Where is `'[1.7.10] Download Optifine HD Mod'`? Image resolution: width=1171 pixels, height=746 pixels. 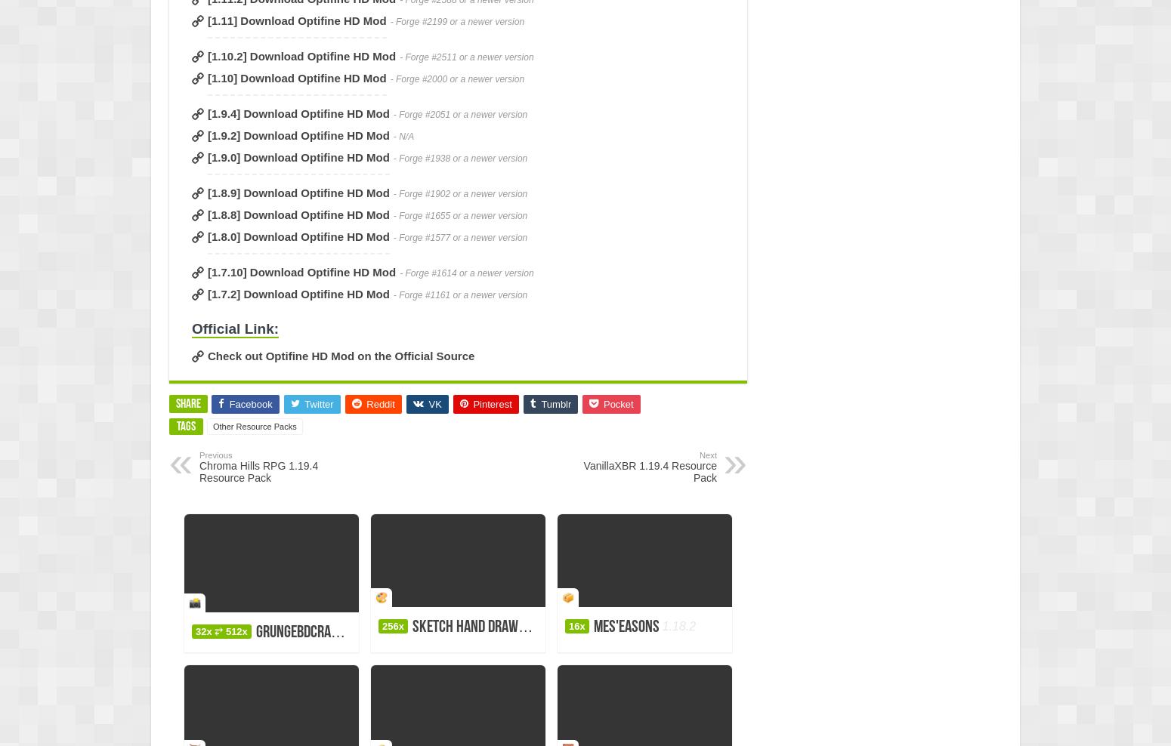
'[1.7.10] Download Optifine HD Mod' is located at coordinates (301, 272).